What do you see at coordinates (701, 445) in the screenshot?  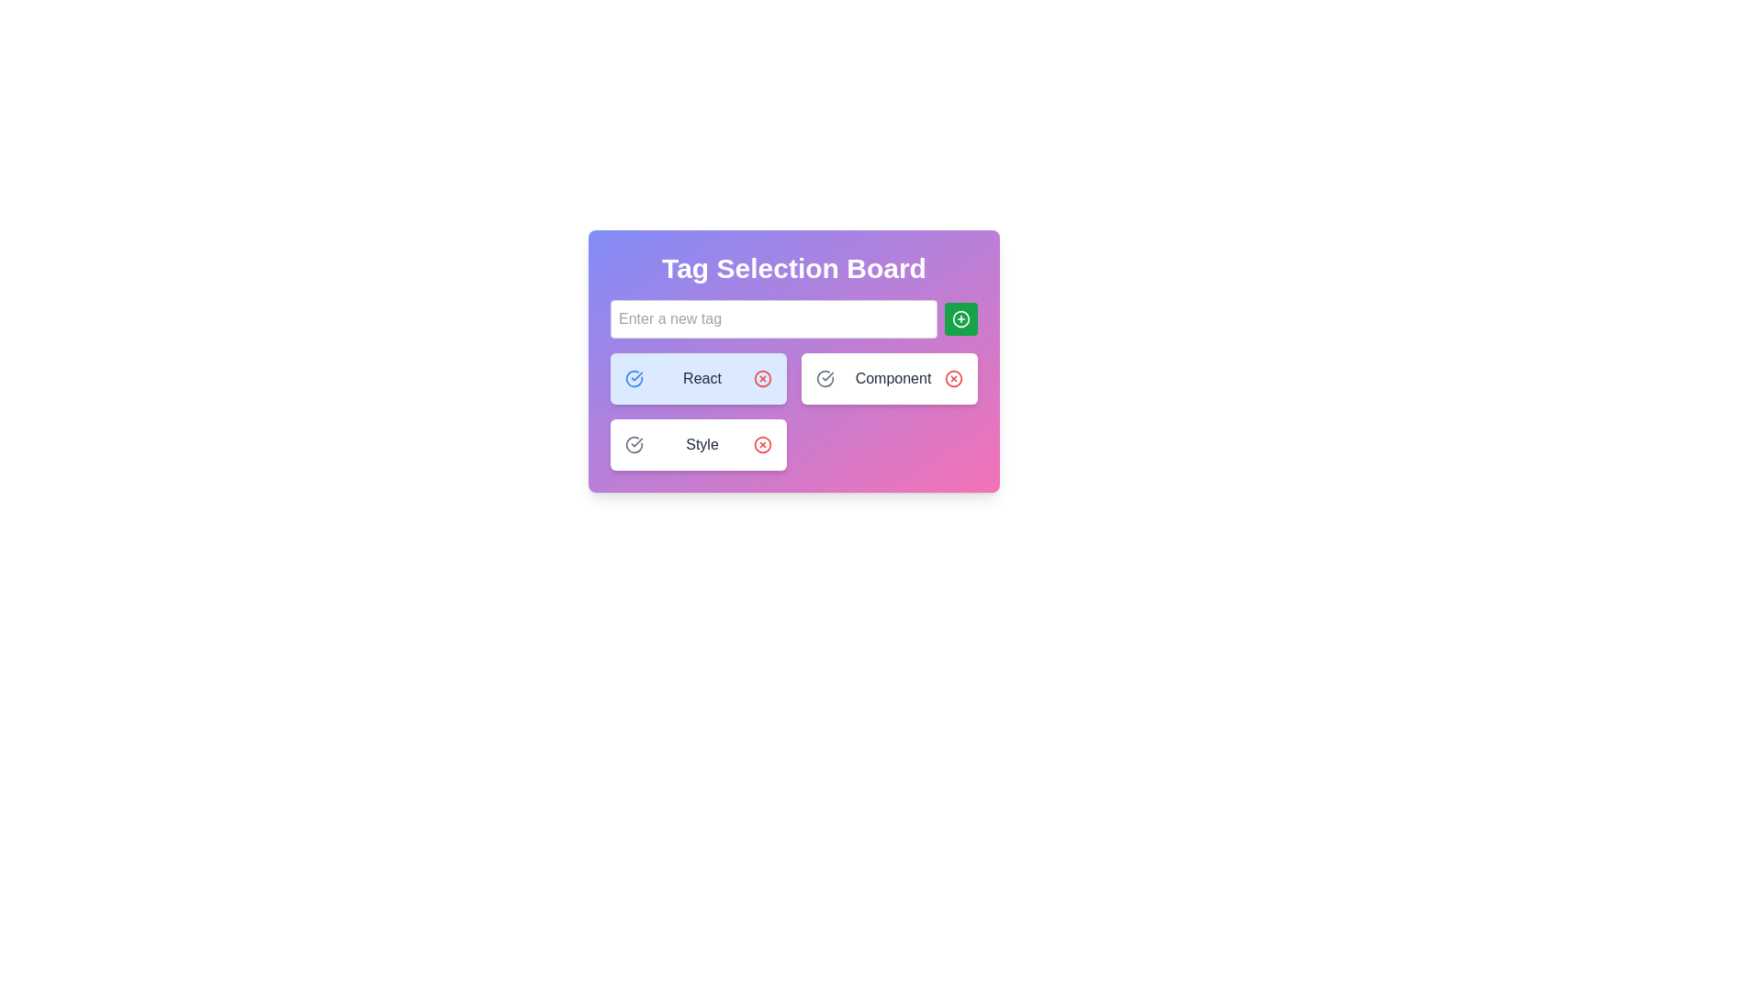 I see `the text label reading 'Style' which is centered within the 'Tag Selection Board' and surrounded by selection icons` at bounding box center [701, 445].